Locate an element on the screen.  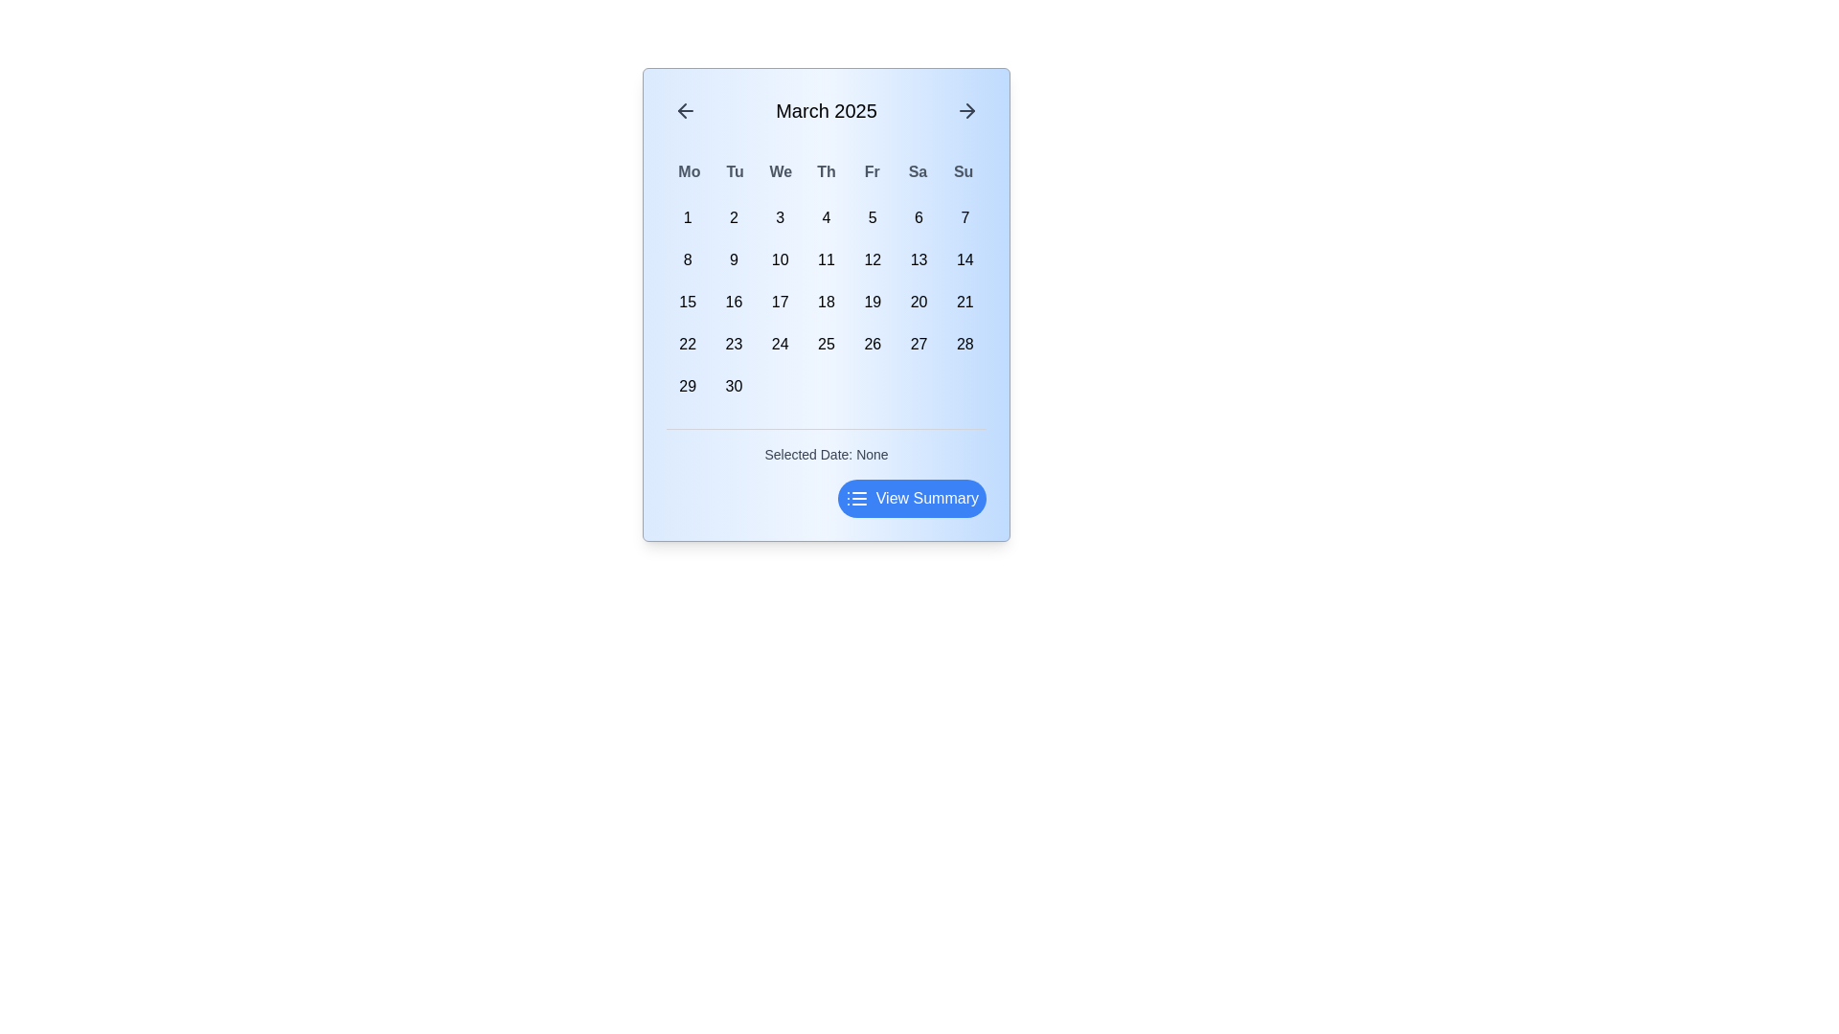
the header label for the 'Friday' column in the calendar table, which is positioned between the 'Th' and 'Sa' labels is located at coordinates (871, 172).